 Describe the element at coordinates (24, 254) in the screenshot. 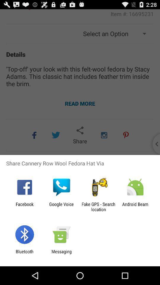

I see `icon to the left of the messaging app` at that location.